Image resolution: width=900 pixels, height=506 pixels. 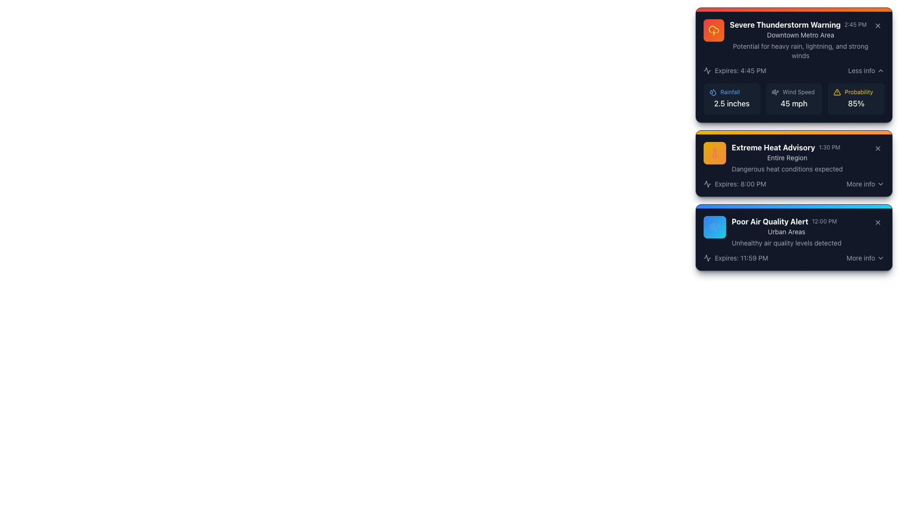 I want to click on the severe thunderstorm warning icon located at the top-left corner of the first alert box, adjacent to the text 'Severe Thunderstorm Warning', so click(x=713, y=30).